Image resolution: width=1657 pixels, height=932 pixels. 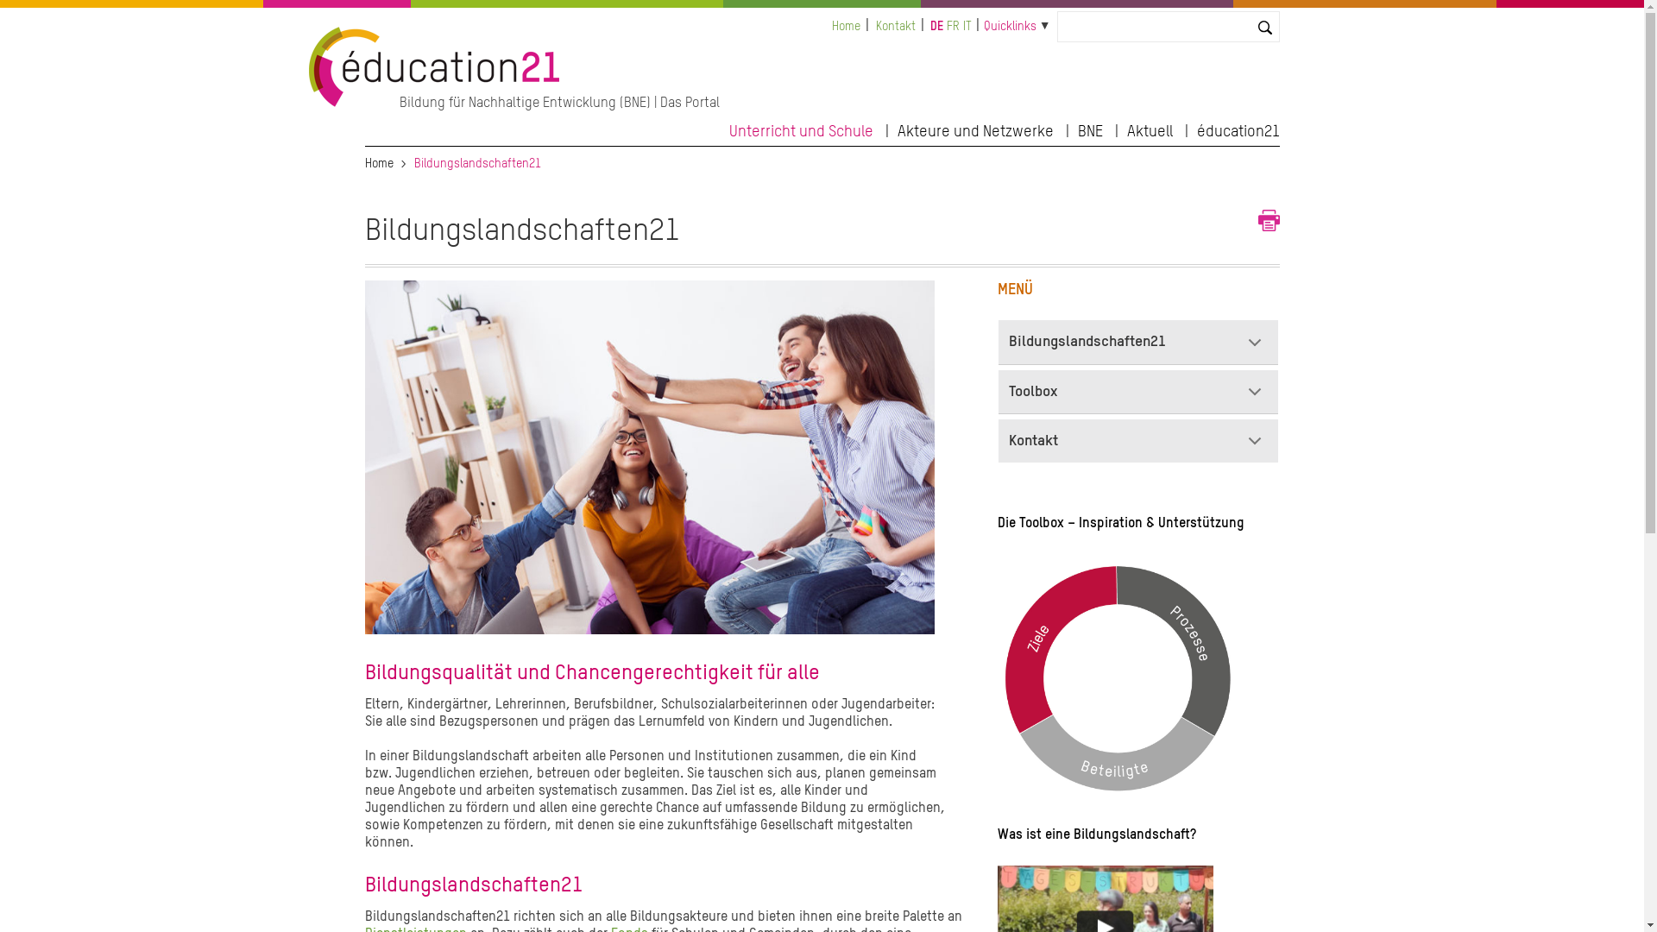 I want to click on 'Toolbox', so click(x=1138, y=392).